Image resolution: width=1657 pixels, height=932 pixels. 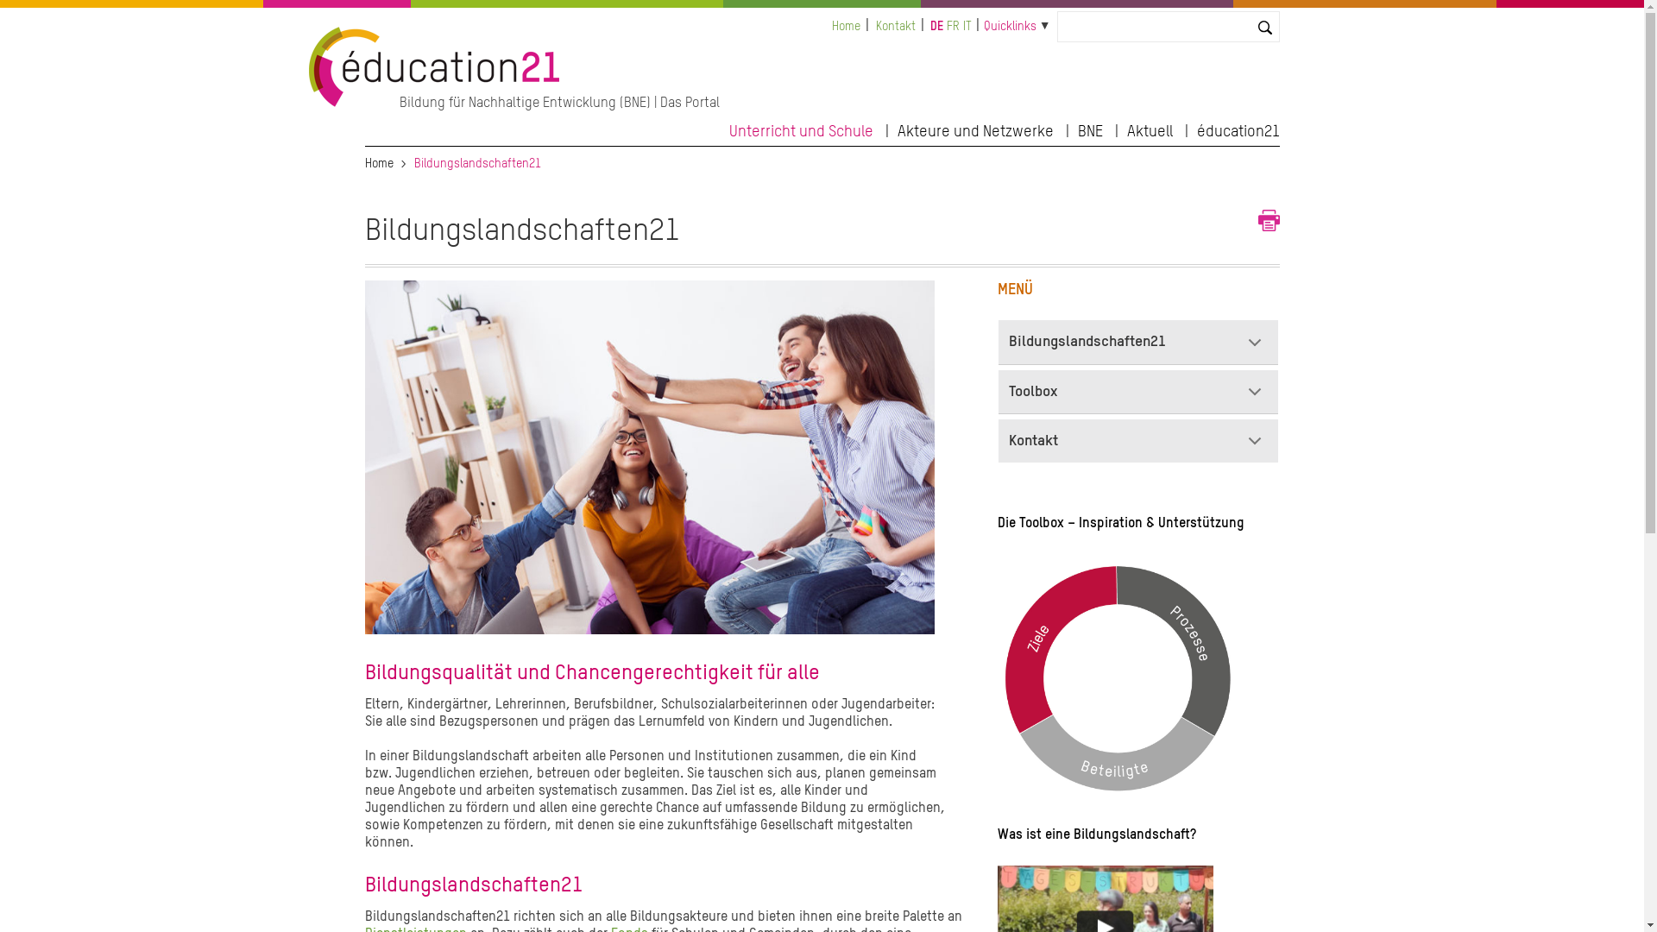 I want to click on 'Toolbox', so click(x=1138, y=392).